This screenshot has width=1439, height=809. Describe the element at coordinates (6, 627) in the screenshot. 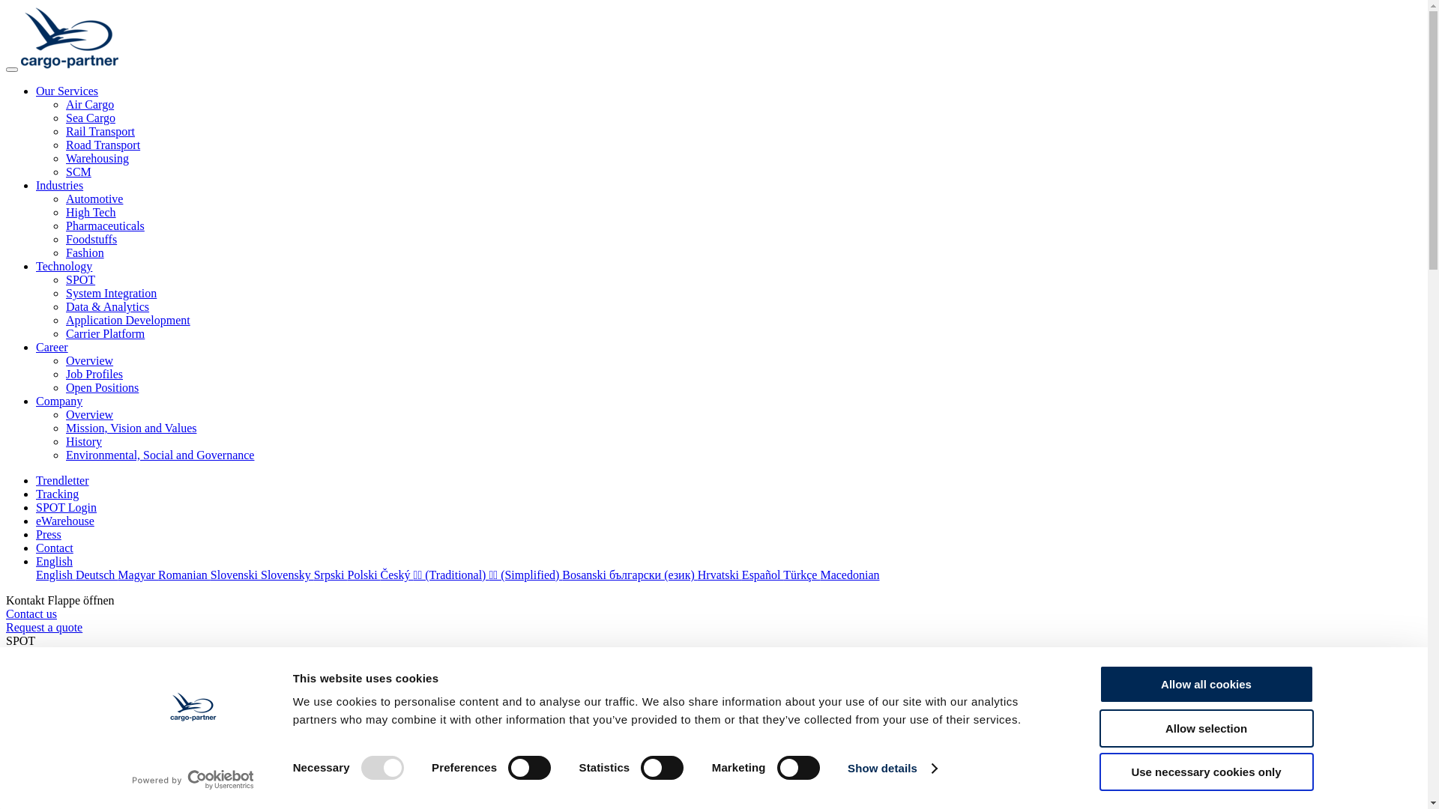

I see `'Request a quote'` at that location.